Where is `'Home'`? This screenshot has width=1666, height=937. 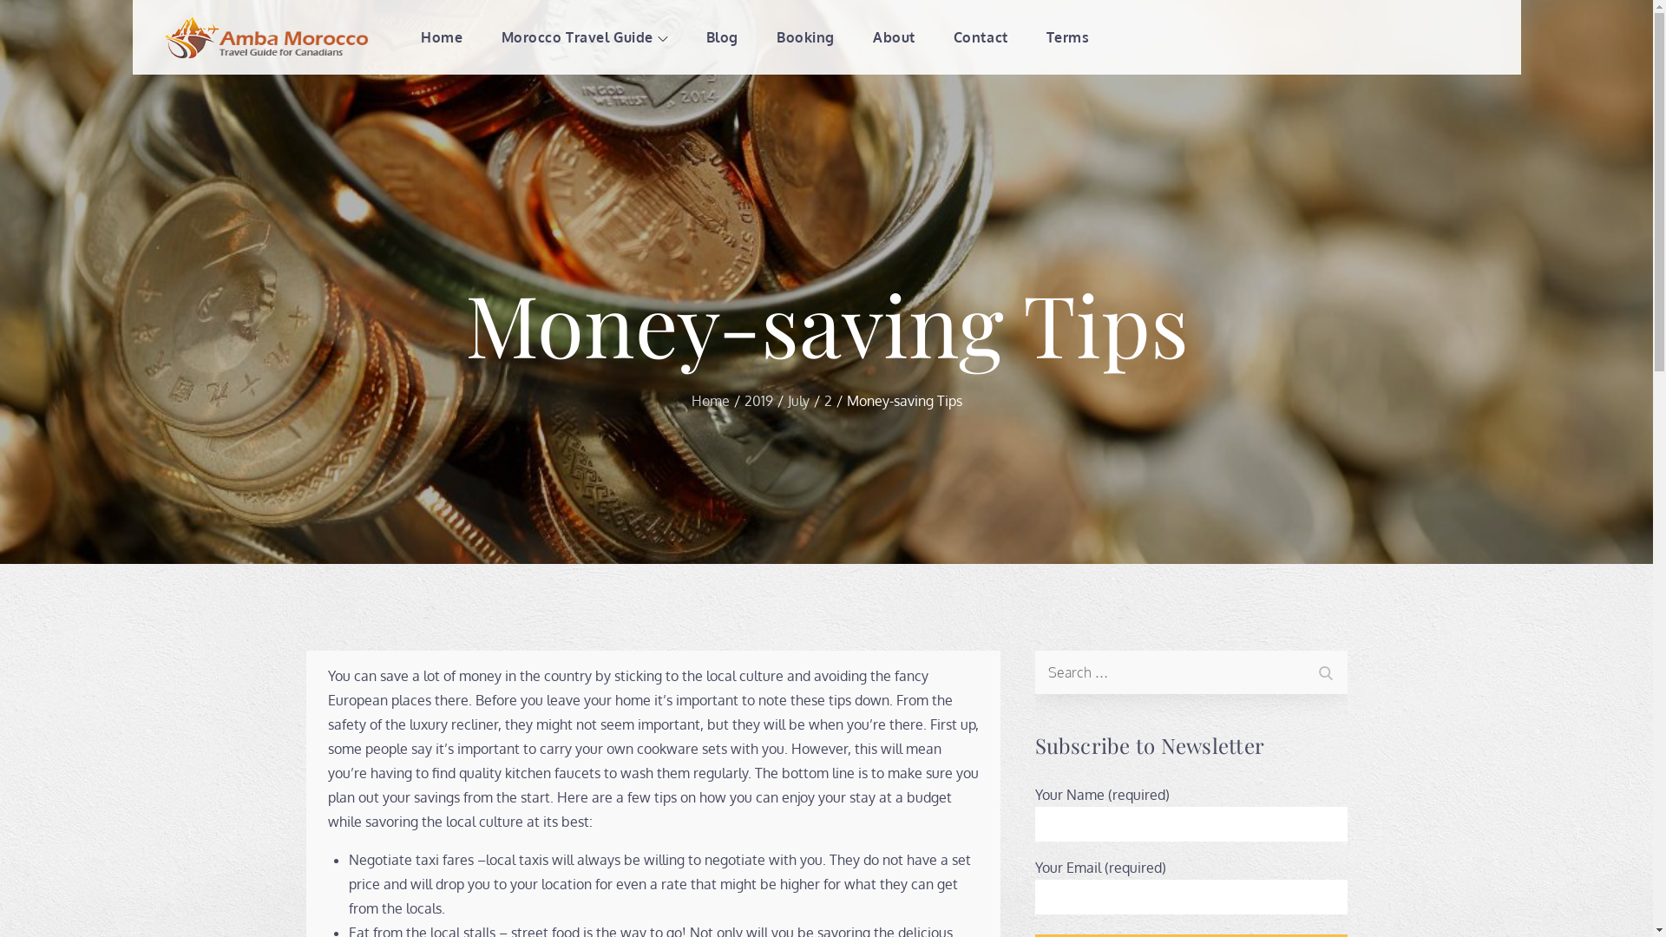
'Home' is located at coordinates (709, 401).